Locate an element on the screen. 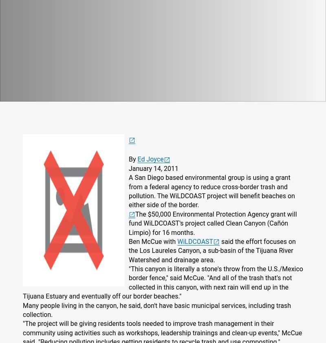  'By' is located at coordinates (132, 159).